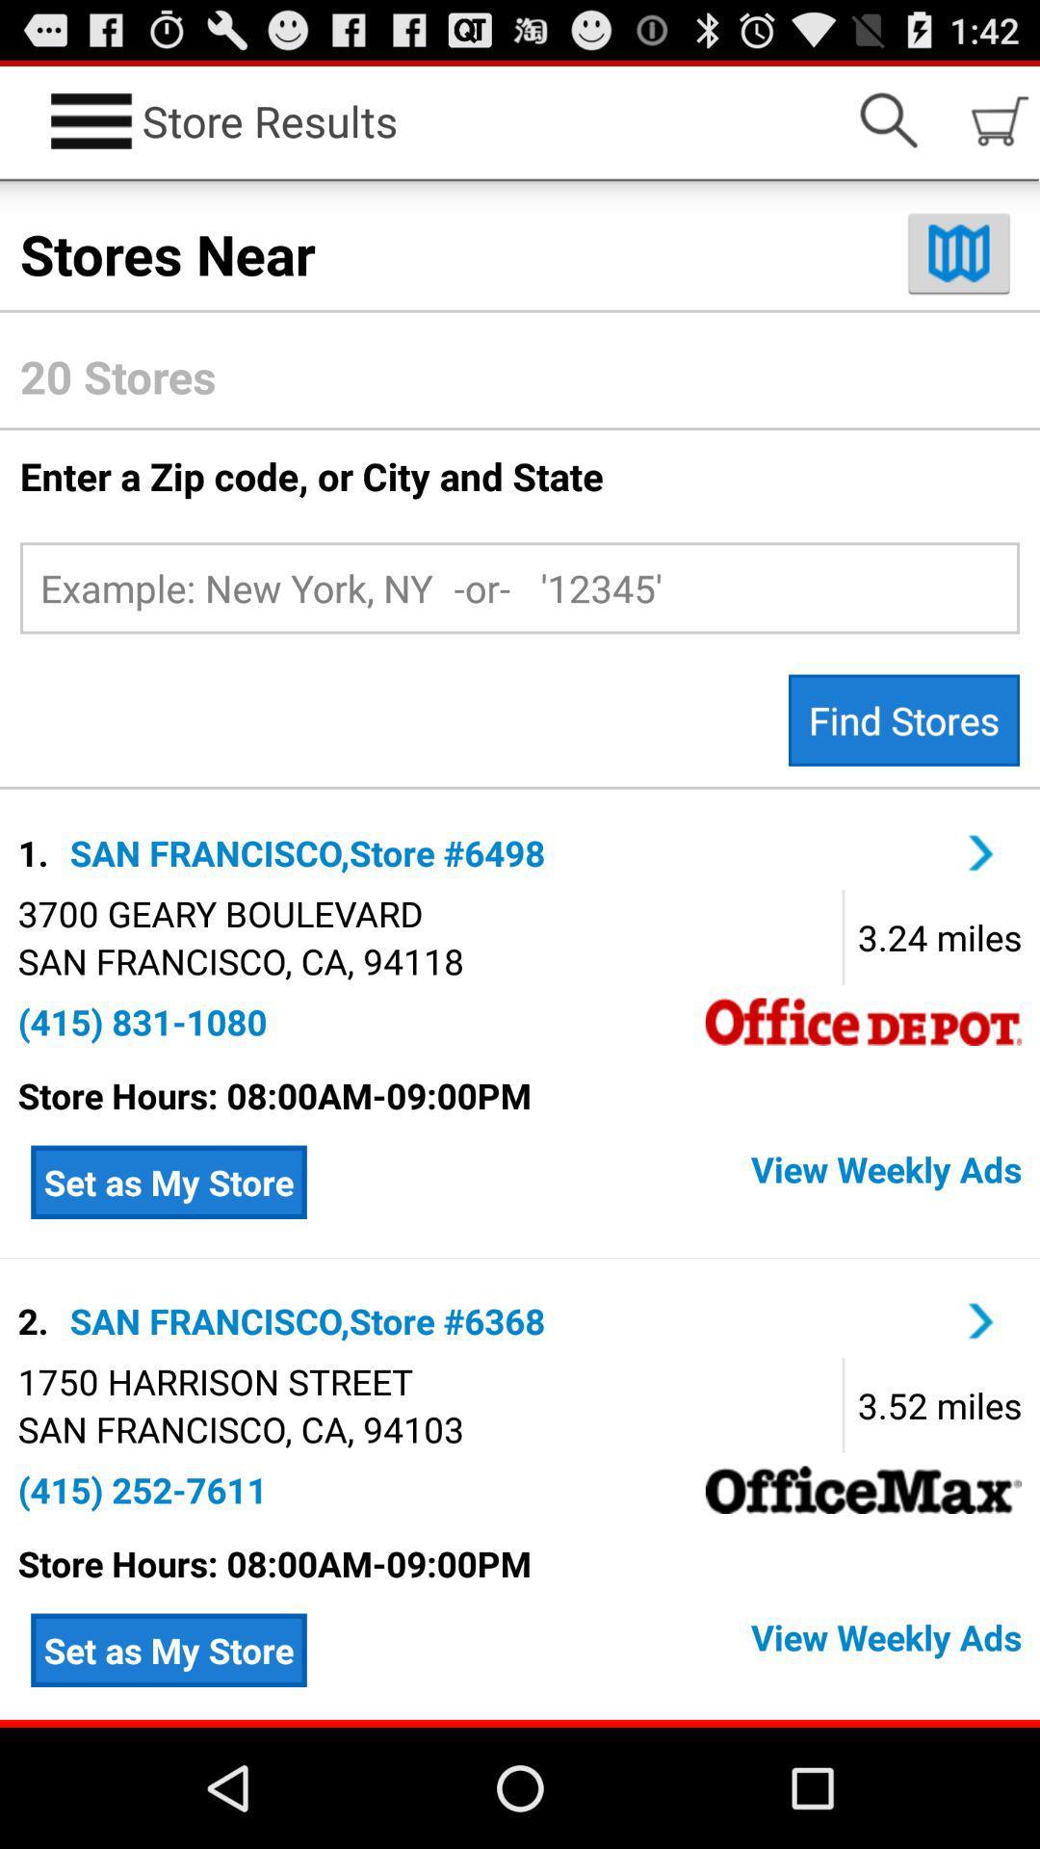  I want to click on the (415) 252-7611 app, so click(142, 1489).